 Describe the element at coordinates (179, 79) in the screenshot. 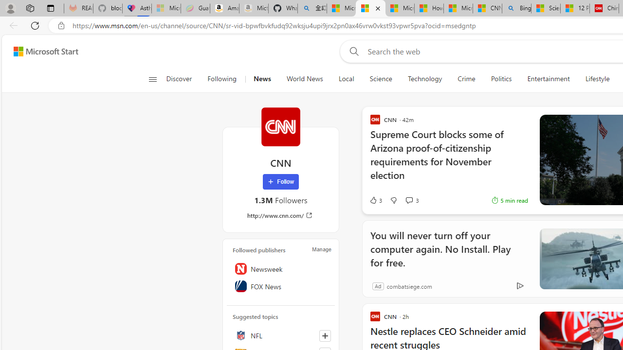

I see `'Discover'` at that location.